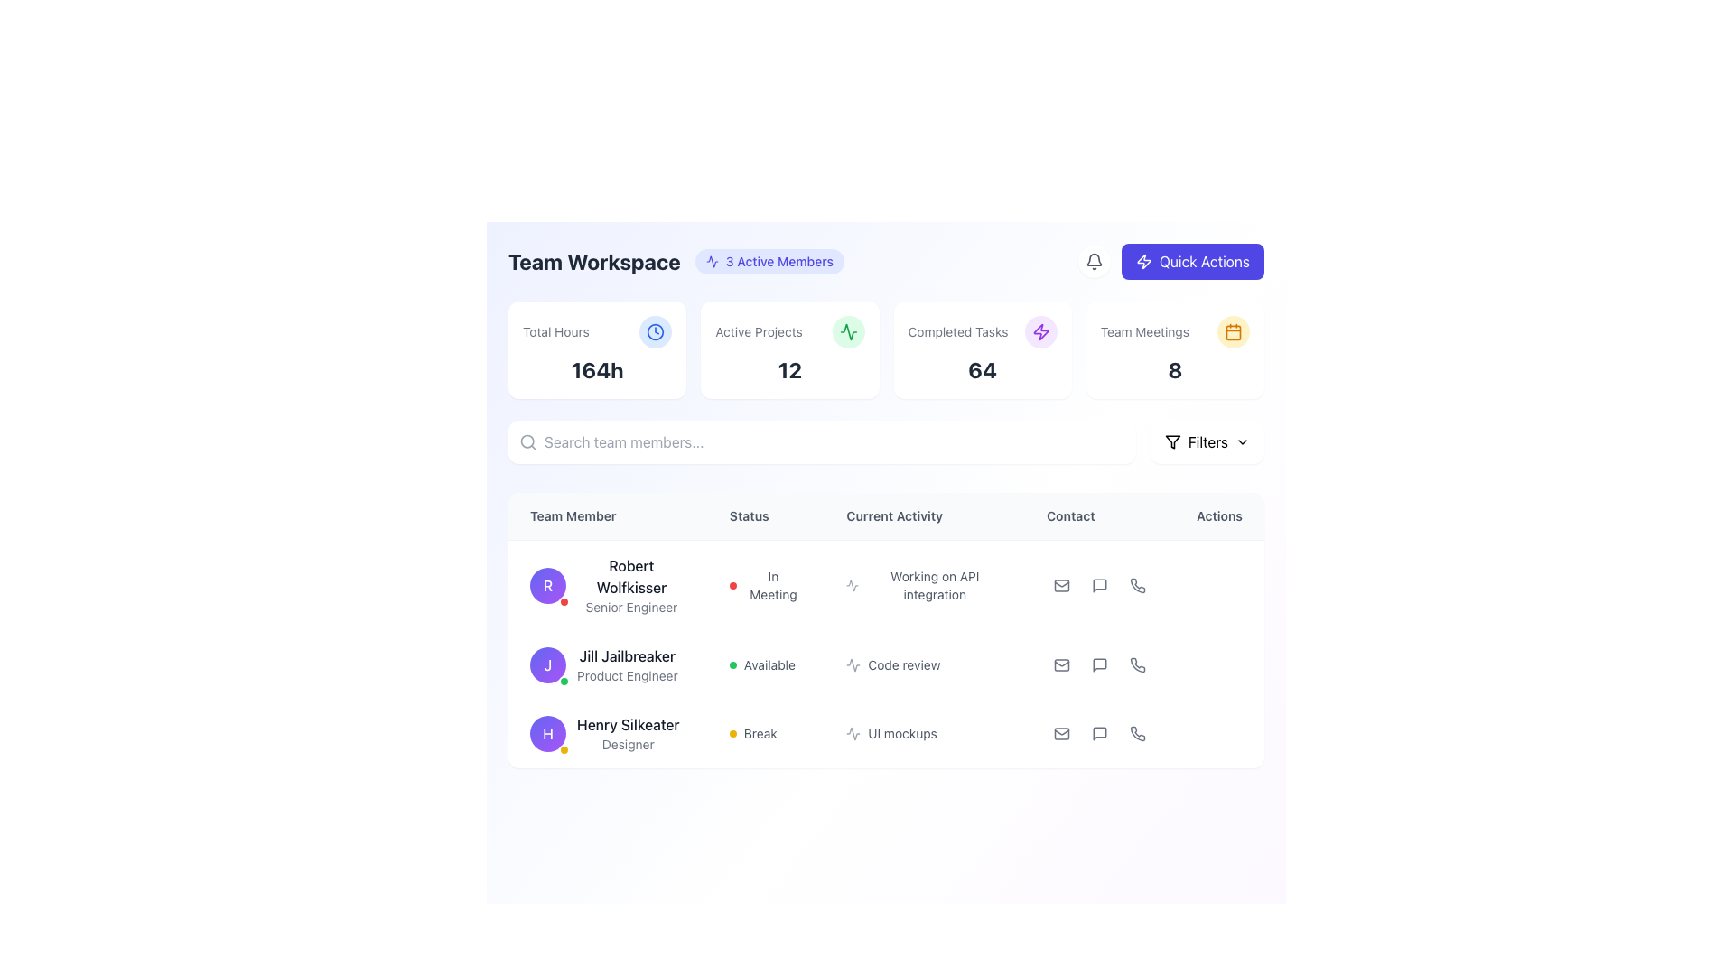 The image size is (1734, 975). Describe the element at coordinates (925, 516) in the screenshot. I see `the 'Current Activity' text label in the third column of the table header row, which is styled with medium-sized, bold, gray text and located between the 'Status' and 'Contact' columns` at that location.